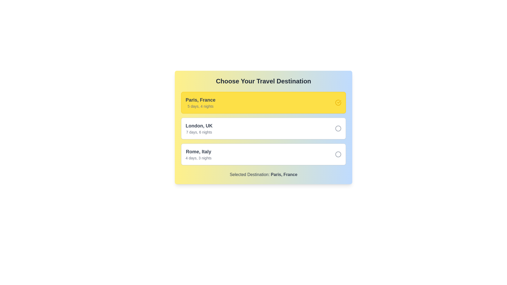  I want to click on the text label reading 'Paris, France', which is styled in bold and large dark gray font and is positioned within a yellow rectangle indicating a selected state, so click(200, 100).